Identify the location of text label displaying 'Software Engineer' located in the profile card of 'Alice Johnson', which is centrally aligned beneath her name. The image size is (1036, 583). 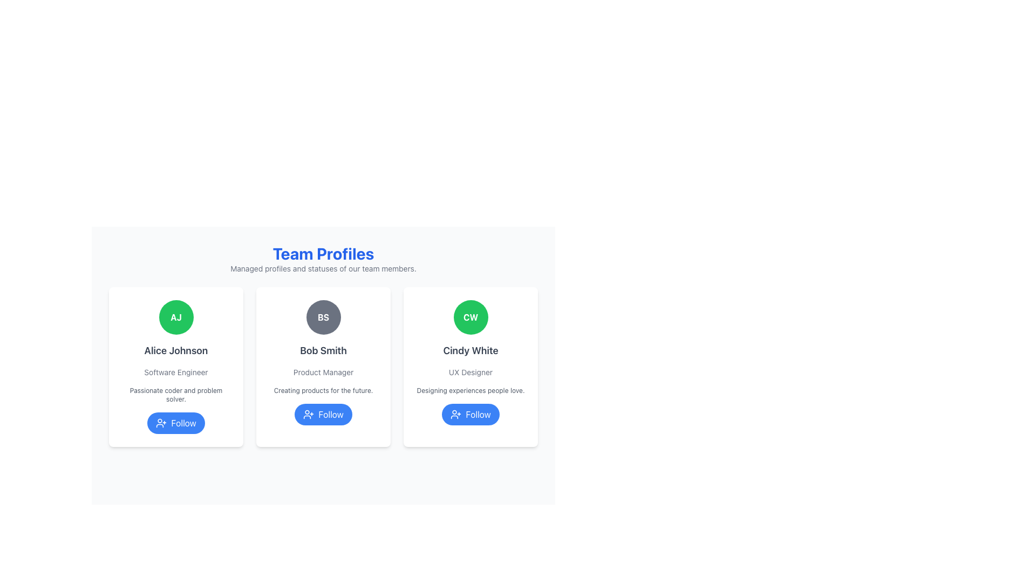
(176, 372).